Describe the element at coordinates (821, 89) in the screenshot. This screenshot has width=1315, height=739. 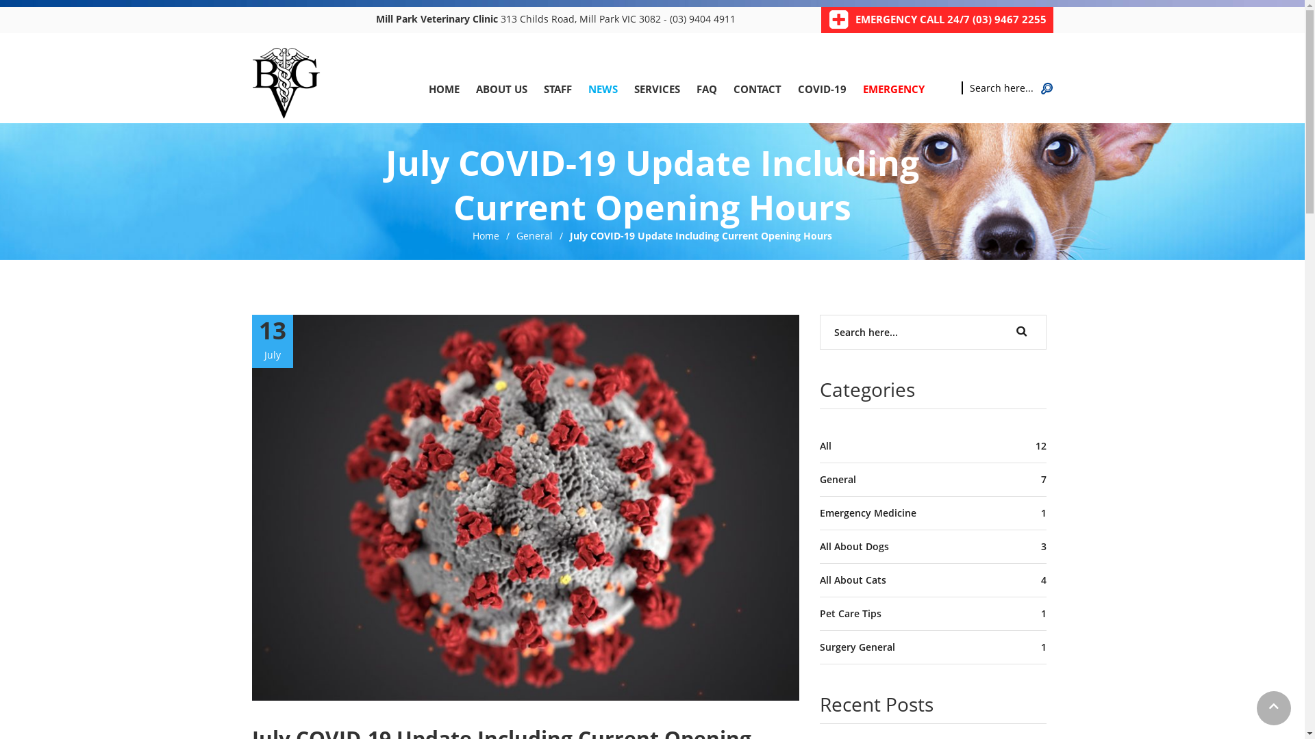
I see `'COVID-19'` at that location.